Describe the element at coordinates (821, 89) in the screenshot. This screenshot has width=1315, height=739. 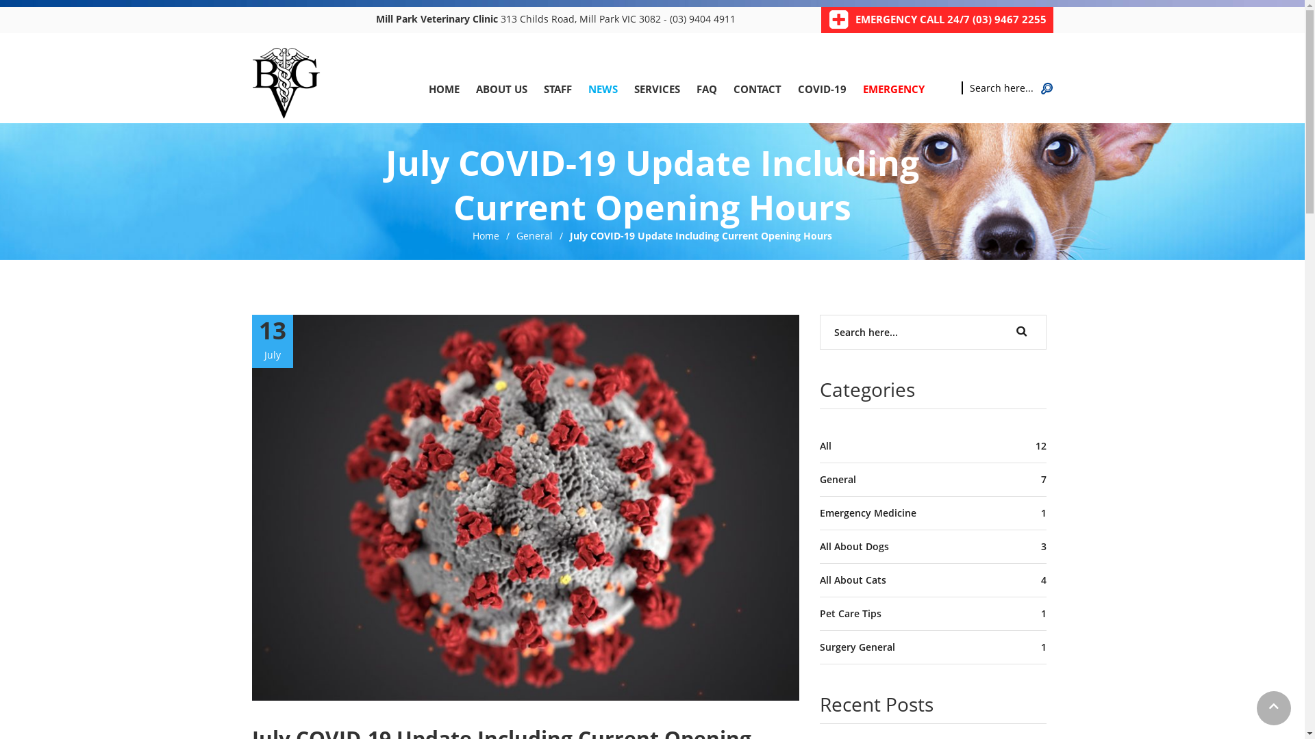
I see `'COVID-19'` at that location.